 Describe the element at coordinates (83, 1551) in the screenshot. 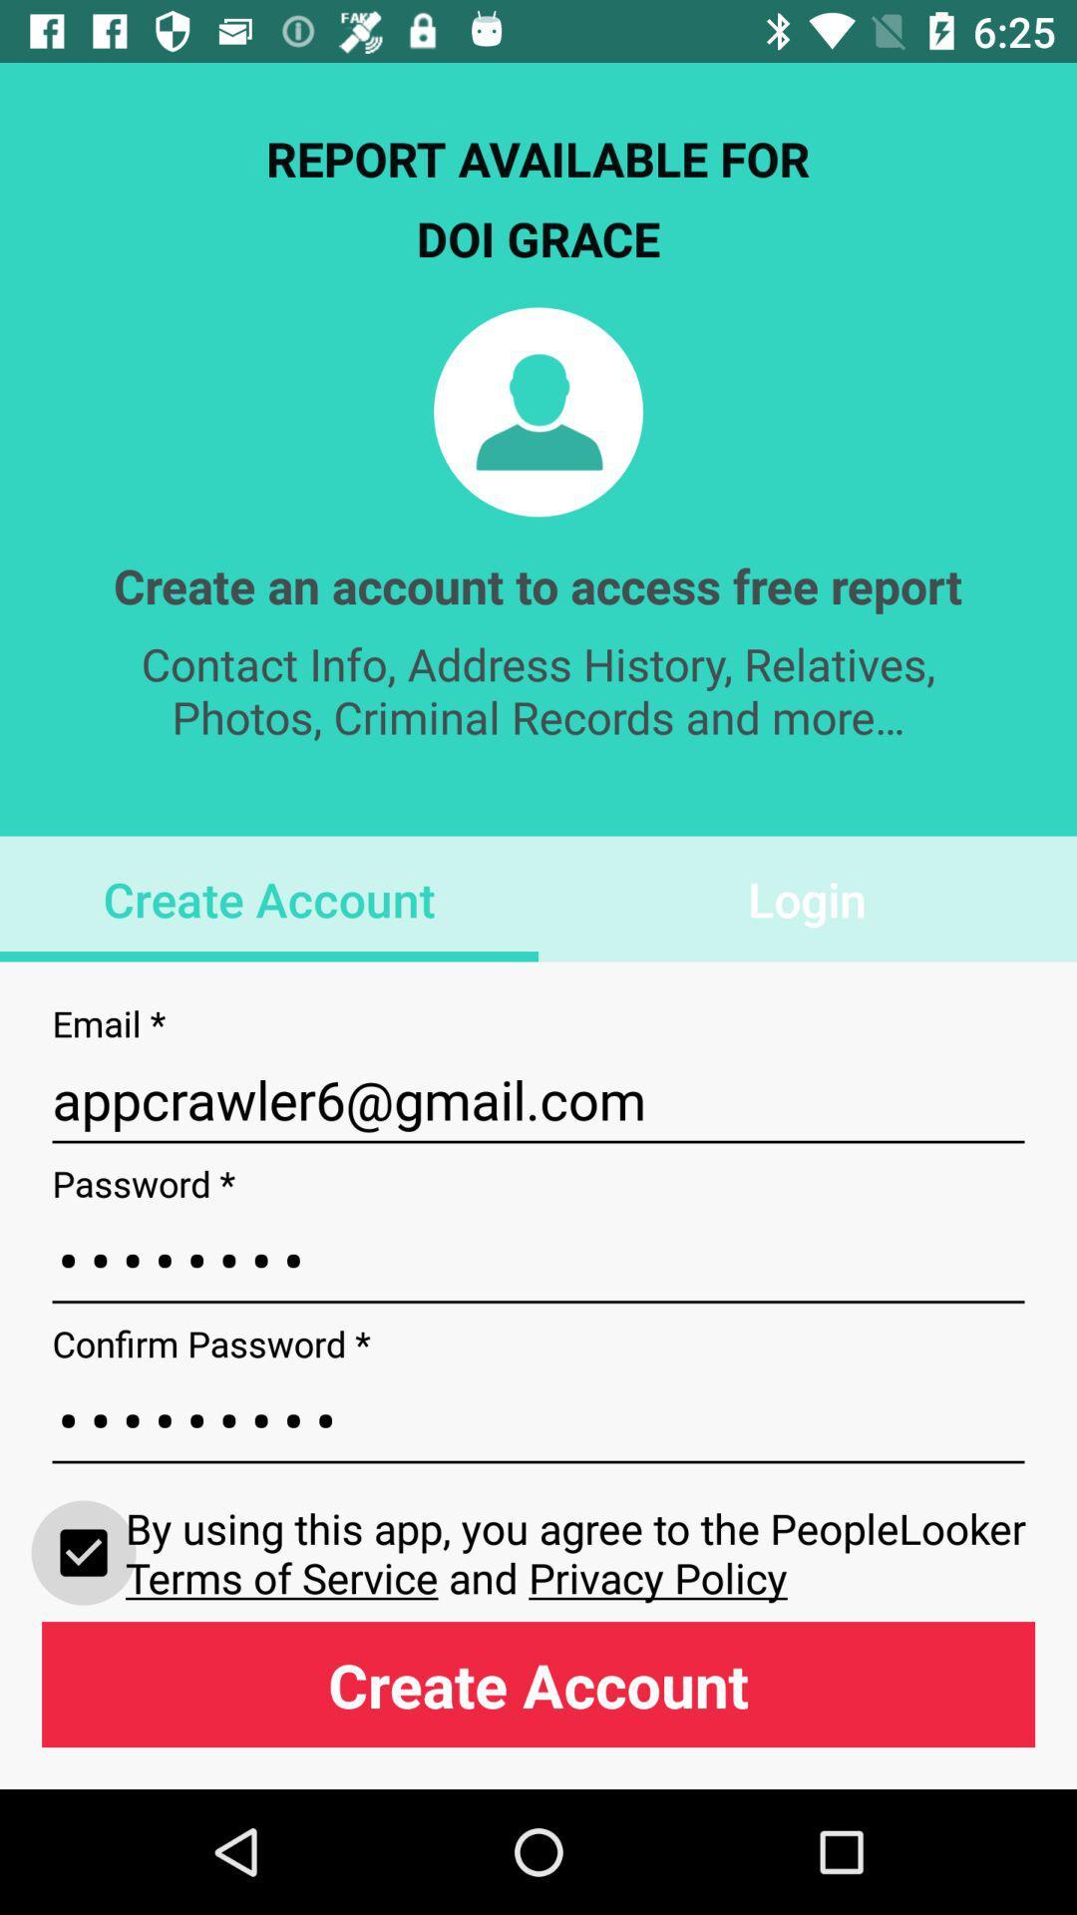

I see `item above create account` at that location.